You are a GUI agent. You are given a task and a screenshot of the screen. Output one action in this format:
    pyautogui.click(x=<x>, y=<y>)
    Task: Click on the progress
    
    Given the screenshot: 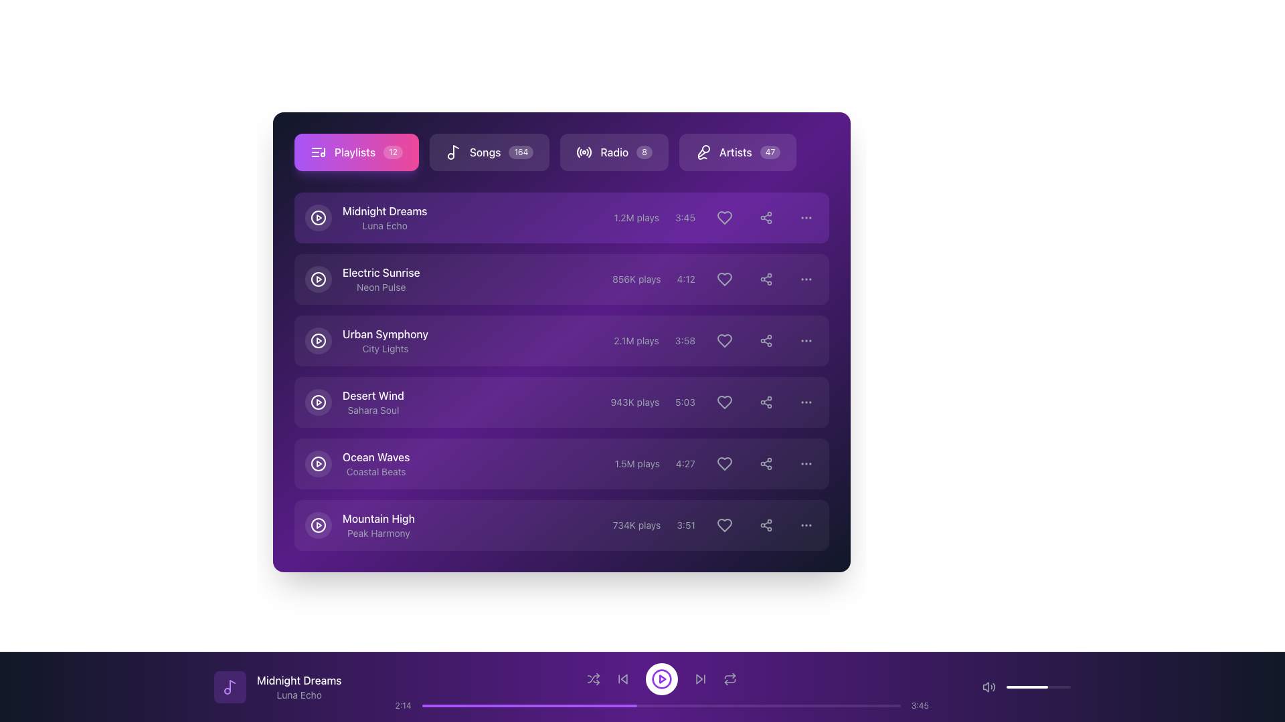 What is the action you would take?
    pyautogui.click(x=589, y=705)
    